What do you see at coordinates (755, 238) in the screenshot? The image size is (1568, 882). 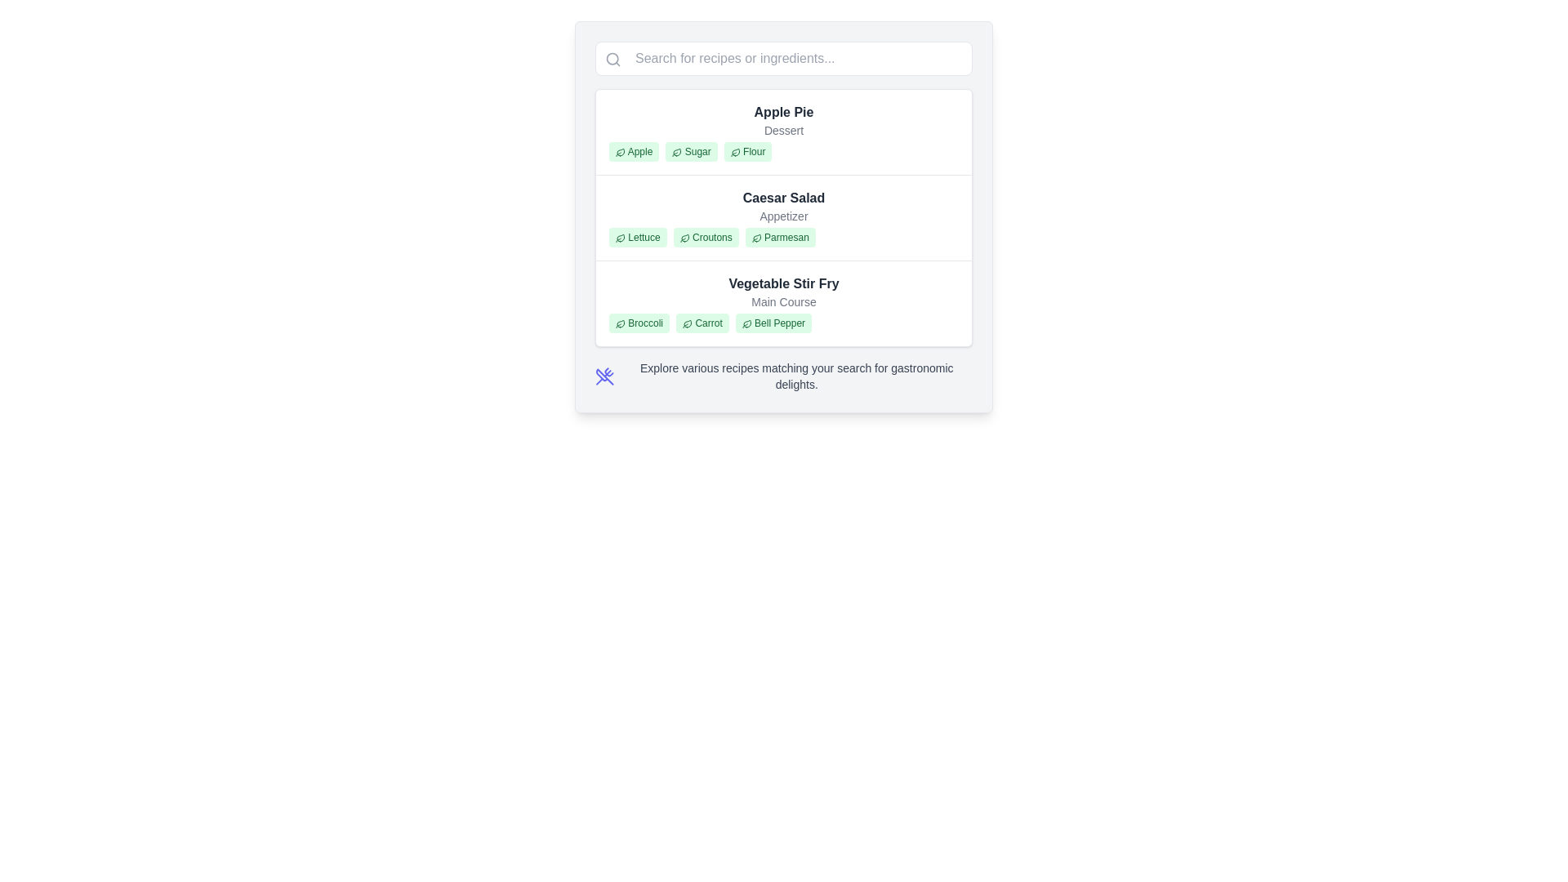 I see `the Parmesan ingredient SVG icon located in the Caesar Salad section of the recipe interface` at bounding box center [755, 238].